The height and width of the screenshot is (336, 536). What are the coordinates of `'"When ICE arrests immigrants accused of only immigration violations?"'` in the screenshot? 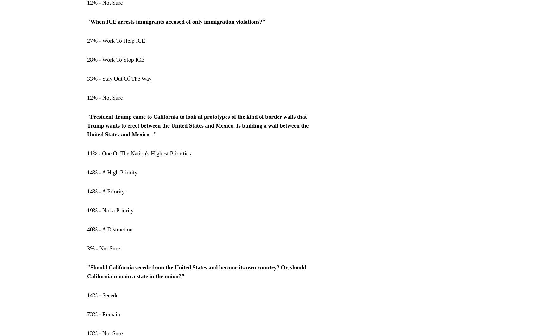 It's located at (176, 22).